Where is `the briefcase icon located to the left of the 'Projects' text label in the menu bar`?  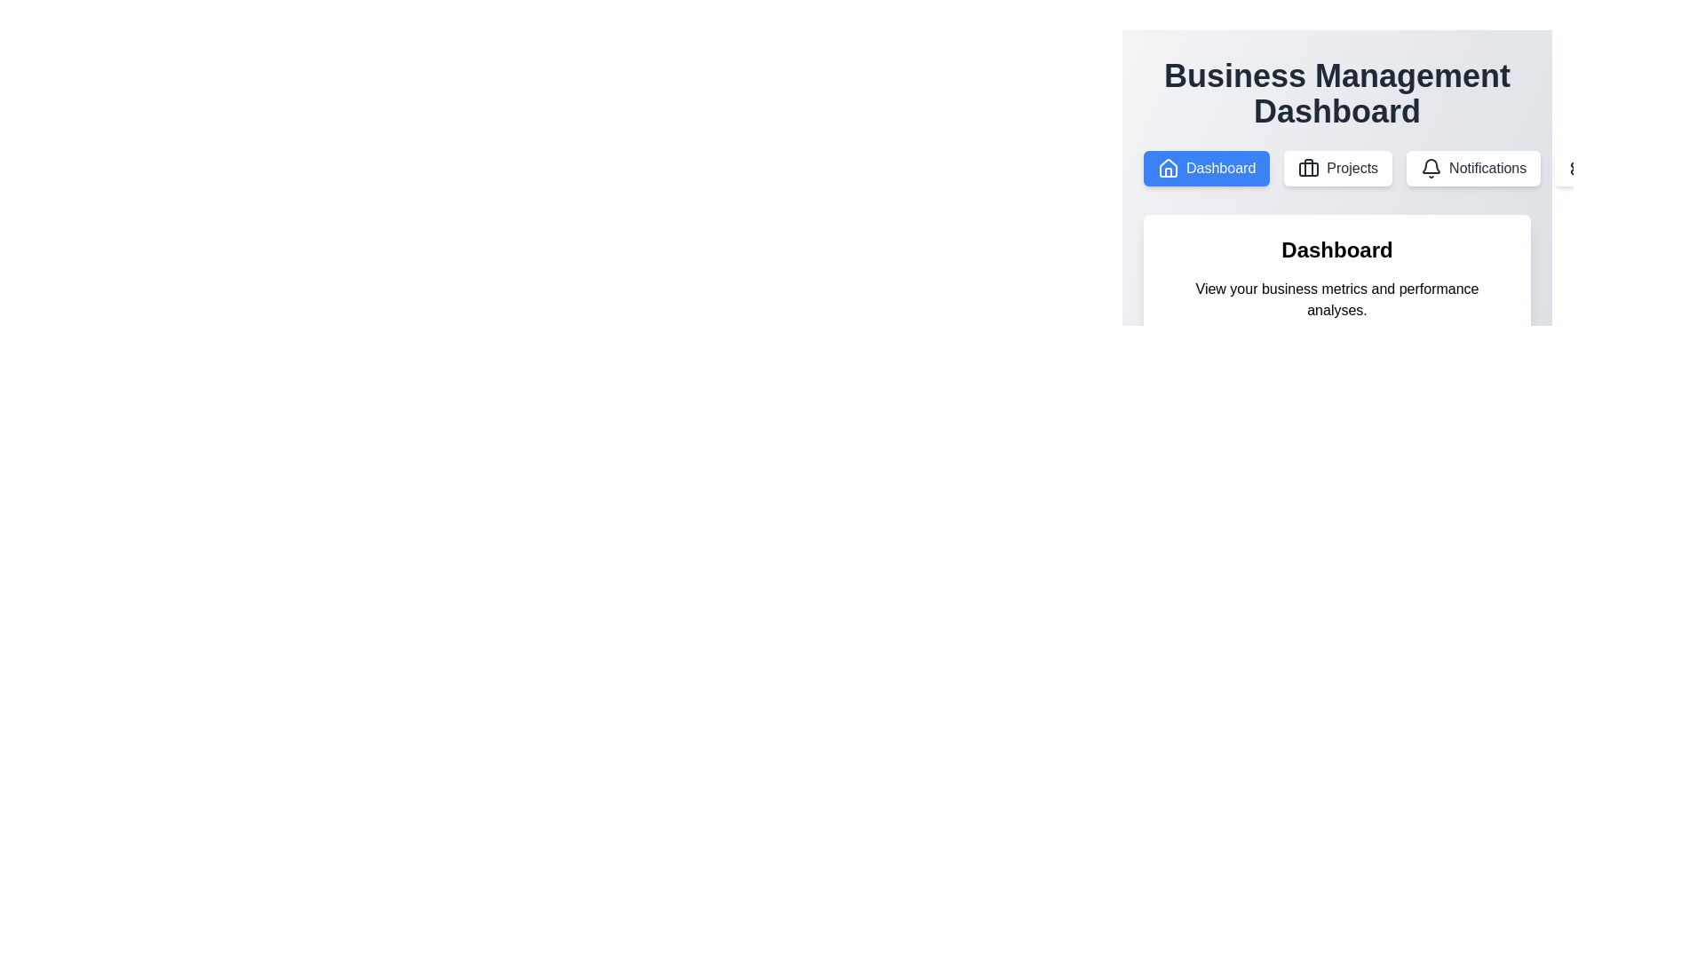
the briefcase icon located to the left of the 'Projects' text label in the menu bar is located at coordinates (1309, 168).